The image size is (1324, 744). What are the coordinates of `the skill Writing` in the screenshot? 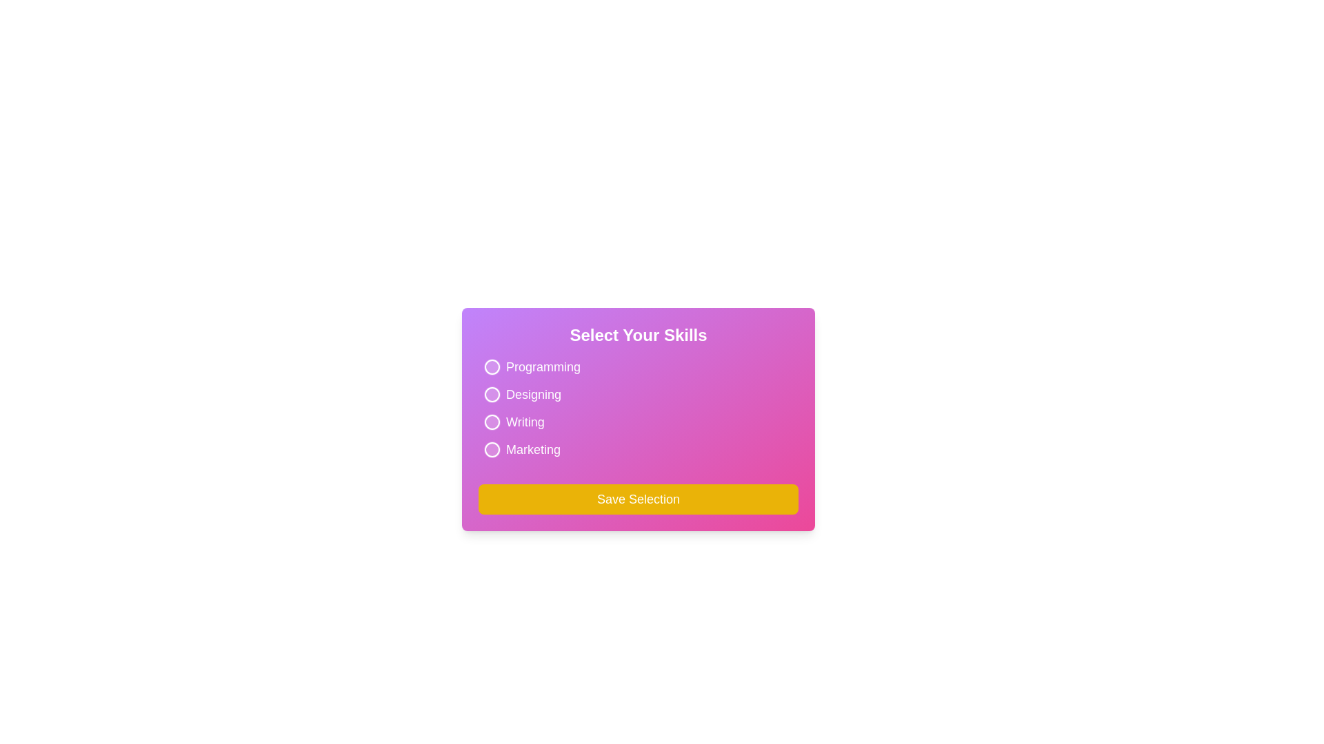 It's located at (492, 422).